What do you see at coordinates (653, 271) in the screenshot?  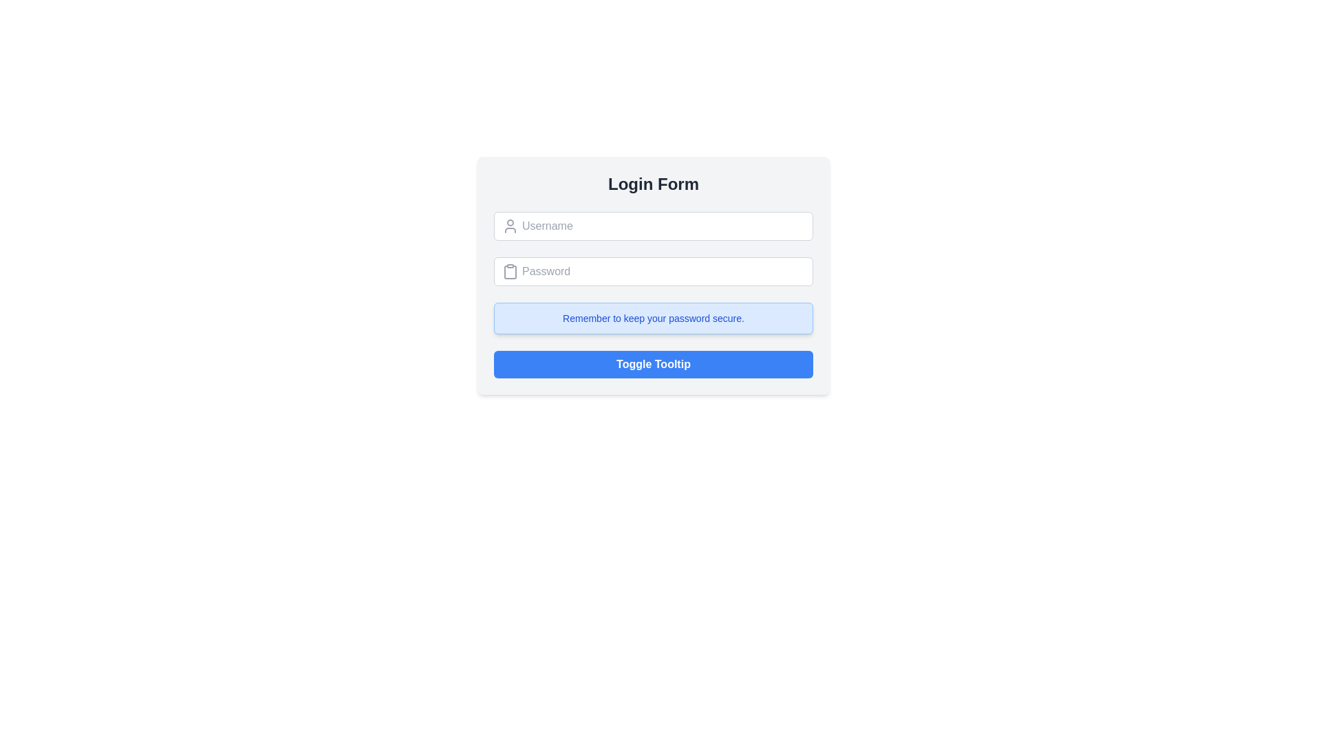 I see `the password input field, which is the second input field in the login form, to focus on it` at bounding box center [653, 271].